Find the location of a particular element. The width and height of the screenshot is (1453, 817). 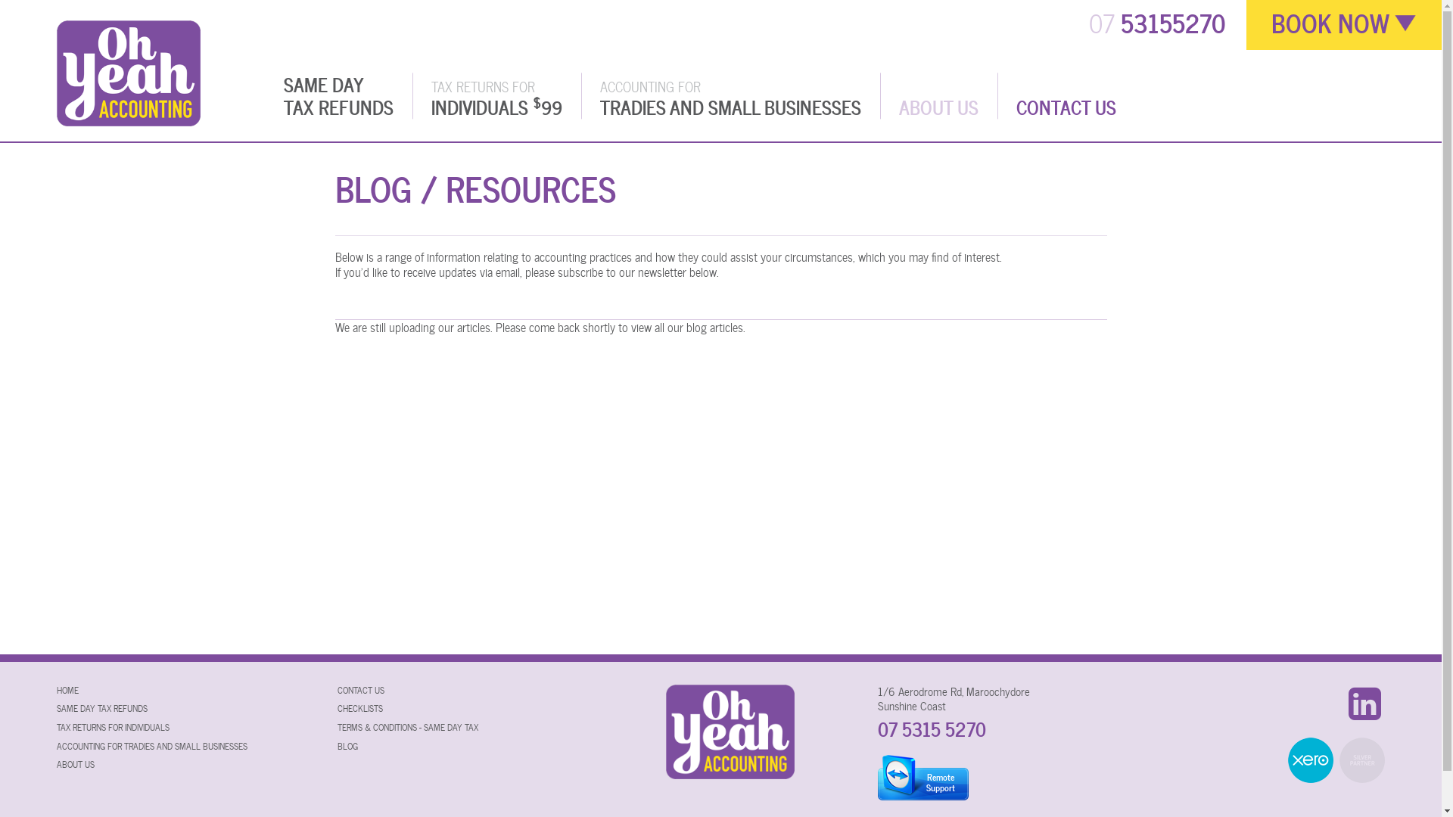

'CHECKLISTS' is located at coordinates (337, 708).